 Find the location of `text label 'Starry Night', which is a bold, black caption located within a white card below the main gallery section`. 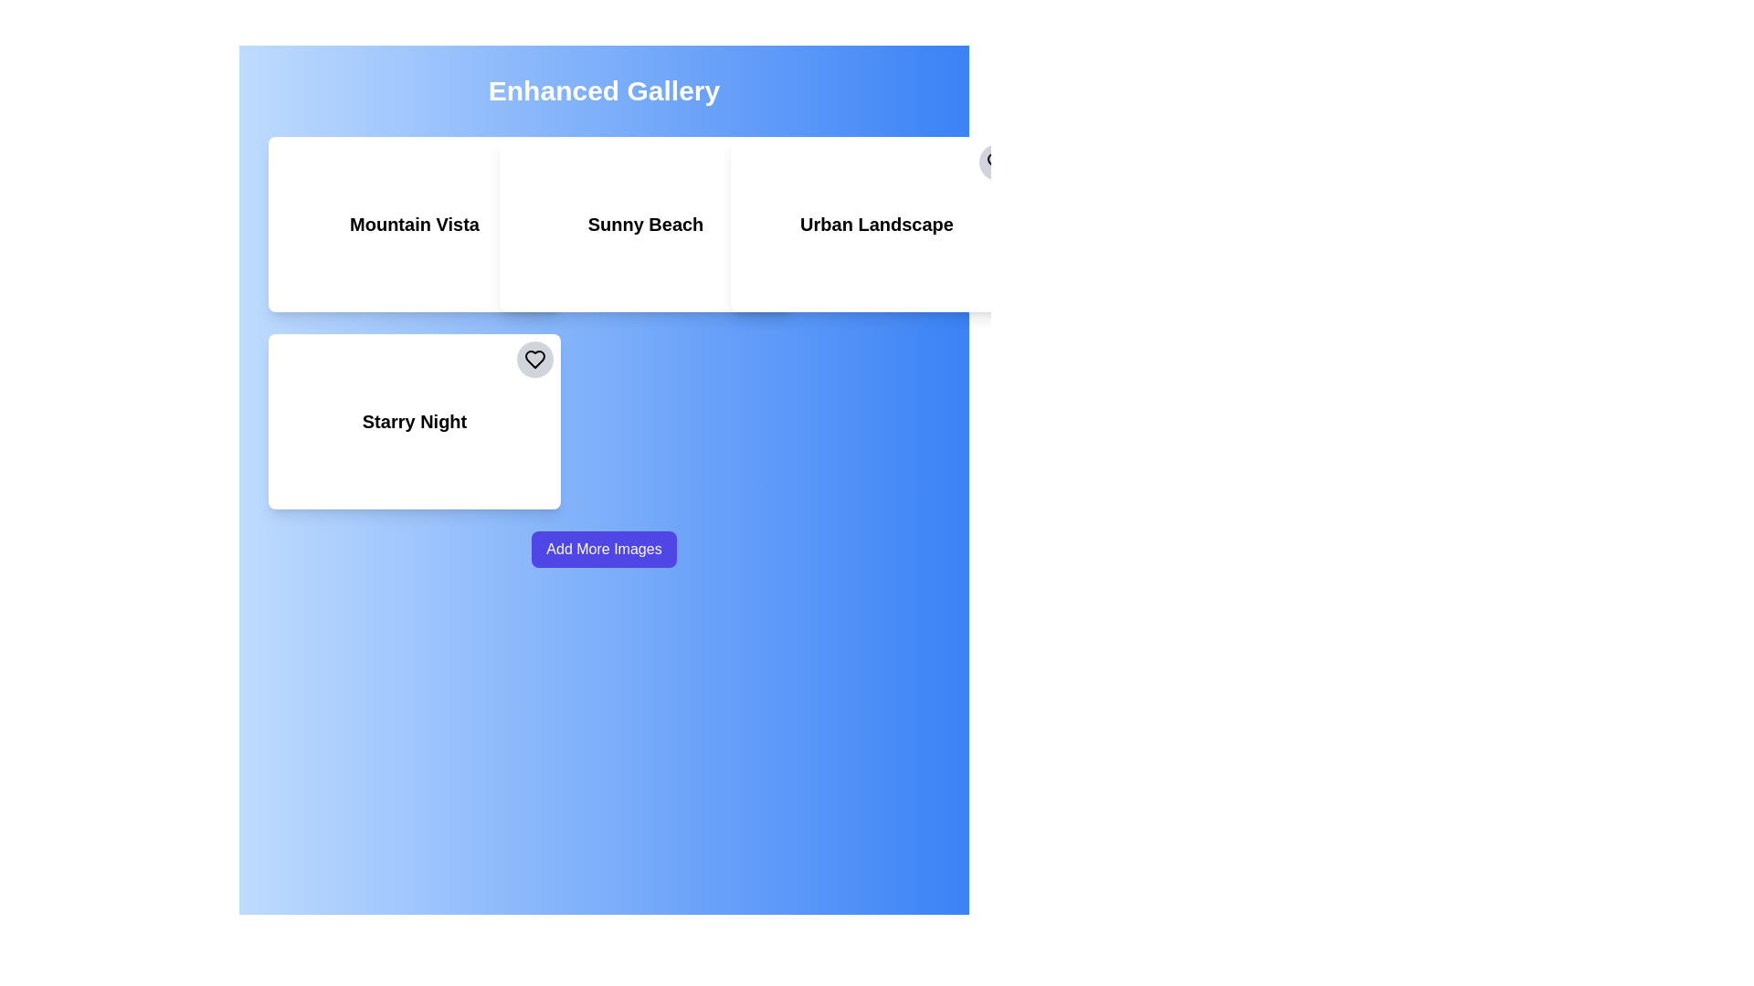

text label 'Starry Night', which is a bold, black caption located within a white card below the main gallery section is located at coordinates (414, 422).